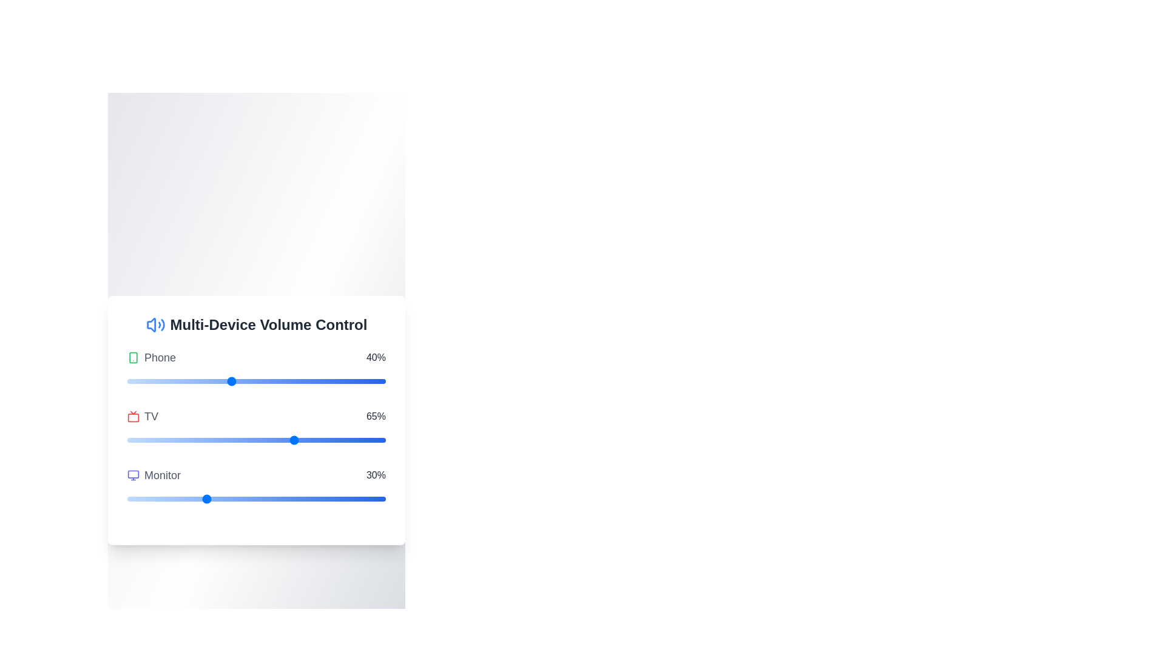 This screenshot has width=1165, height=655. Describe the element at coordinates (319, 380) in the screenshot. I see `the volume slider` at that location.